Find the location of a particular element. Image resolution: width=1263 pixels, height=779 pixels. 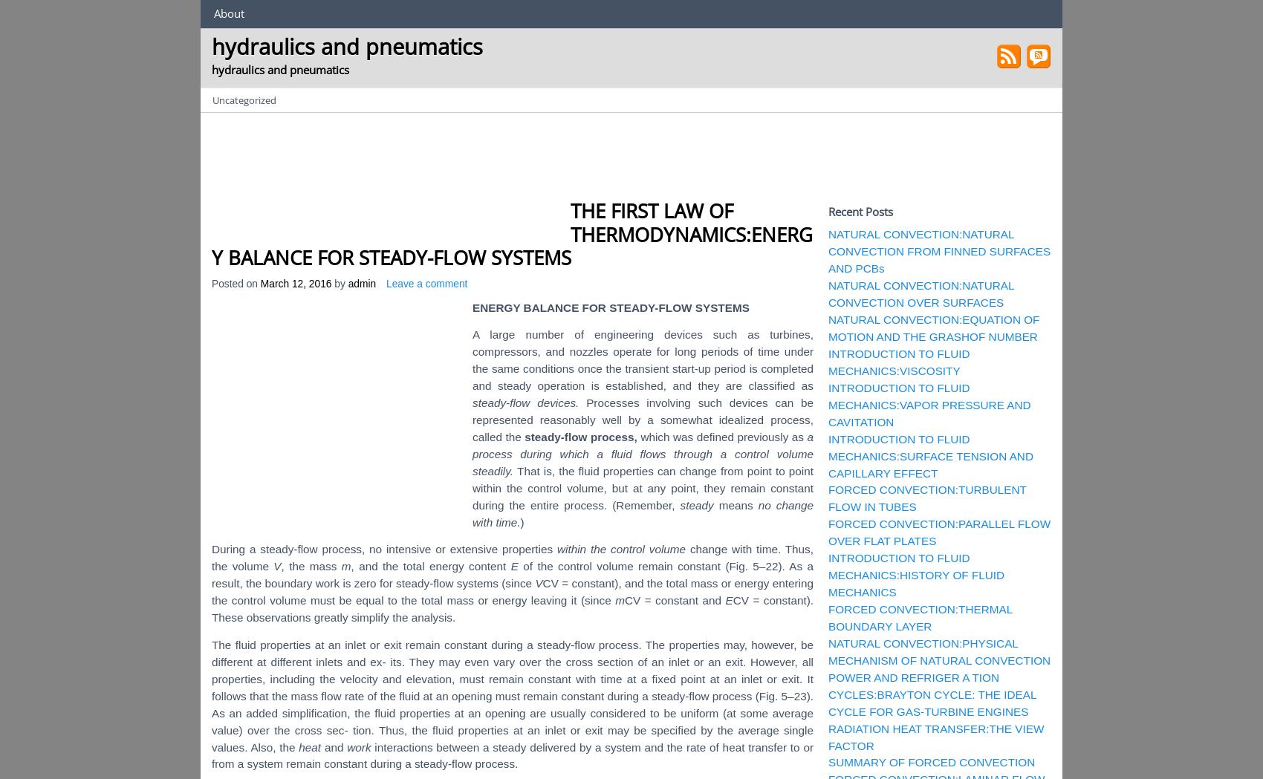

'The fluid properties at an inlet or exit remain constant during a steady-flow process. The properties may, however, be different at different inlets and ex- its. They may even vary over the cross section of an inlet or an exit. However, all properties, including the velocity and elevation, must remain constant with time at a fixed point at an inlet or exit. It follows that the mass flow rate of the fluid at an opening must remain constant during a steady-flow process (Fig. 5–23). As an added simplification, the fluid properties at an opening are usually considered to be uniform (at some average value) over the cross sec- tion. Thus, the fluid properties at an inlet or exit may be specified by the average single values. Also, the' is located at coordinates (513, 695).